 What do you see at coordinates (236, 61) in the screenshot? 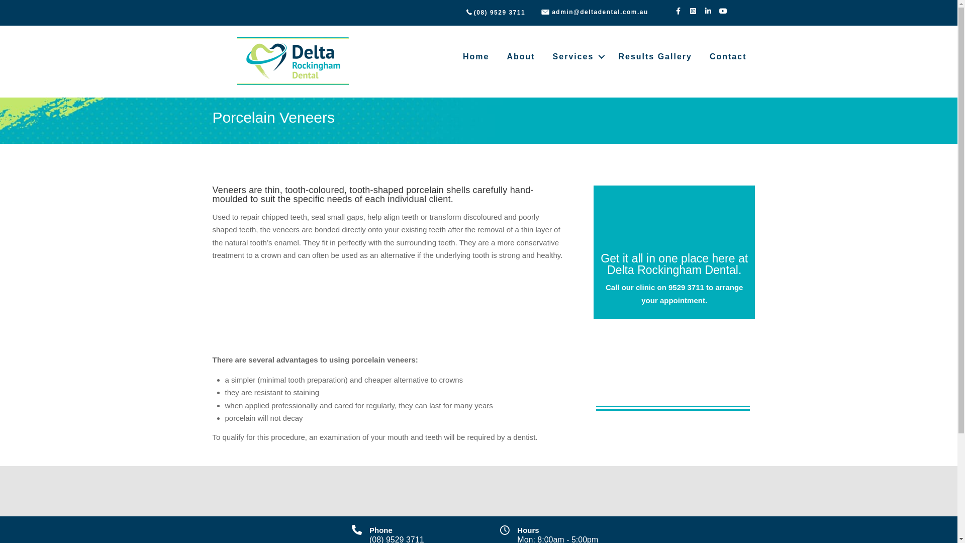
I see `'deltadental-logo'` at bounding box center [236, 61].